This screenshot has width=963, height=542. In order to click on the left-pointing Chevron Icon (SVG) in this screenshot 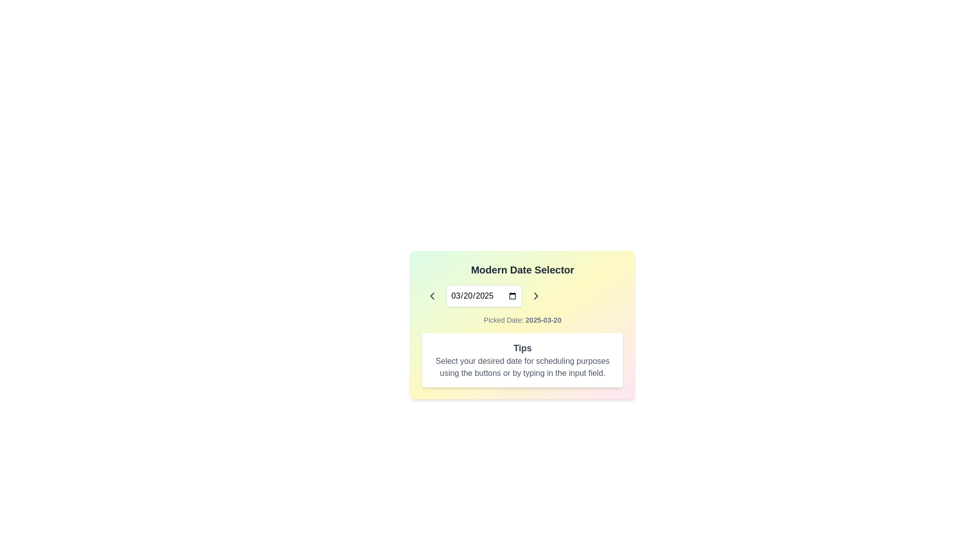, I will do `click(432, 296)`.